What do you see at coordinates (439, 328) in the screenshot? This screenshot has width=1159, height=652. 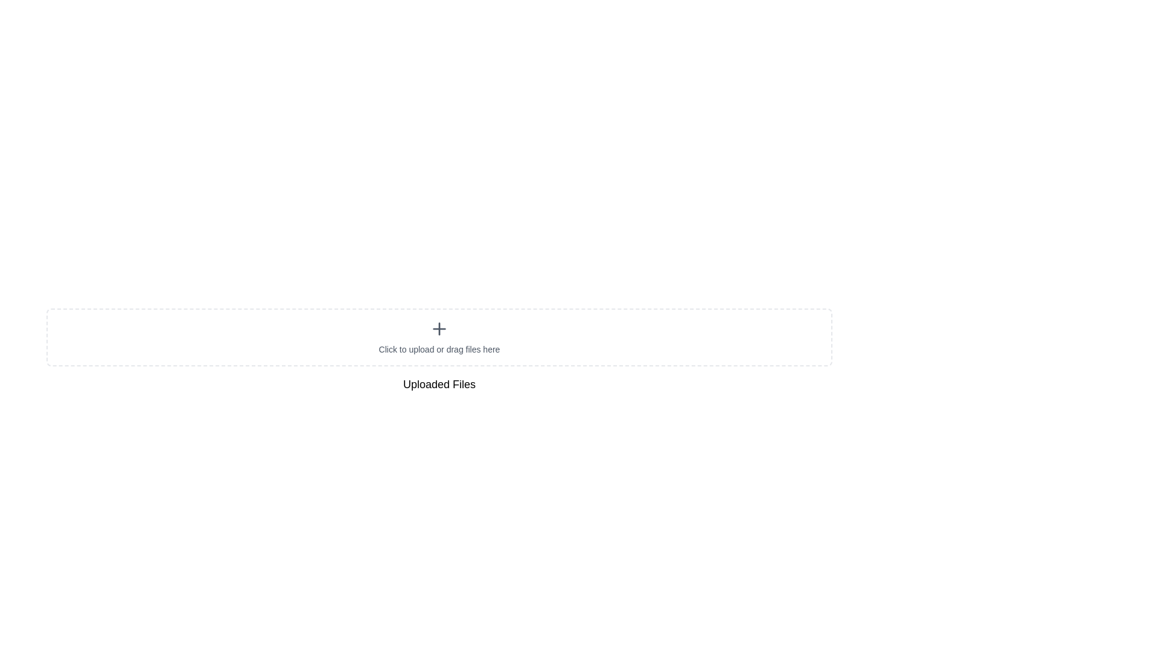 I see `the 'plus' icon located at the center of the dotted rectangular area labeled 'Click to upload or drag files here' to potentially display a tooltip` at bounding box center [439, 328].